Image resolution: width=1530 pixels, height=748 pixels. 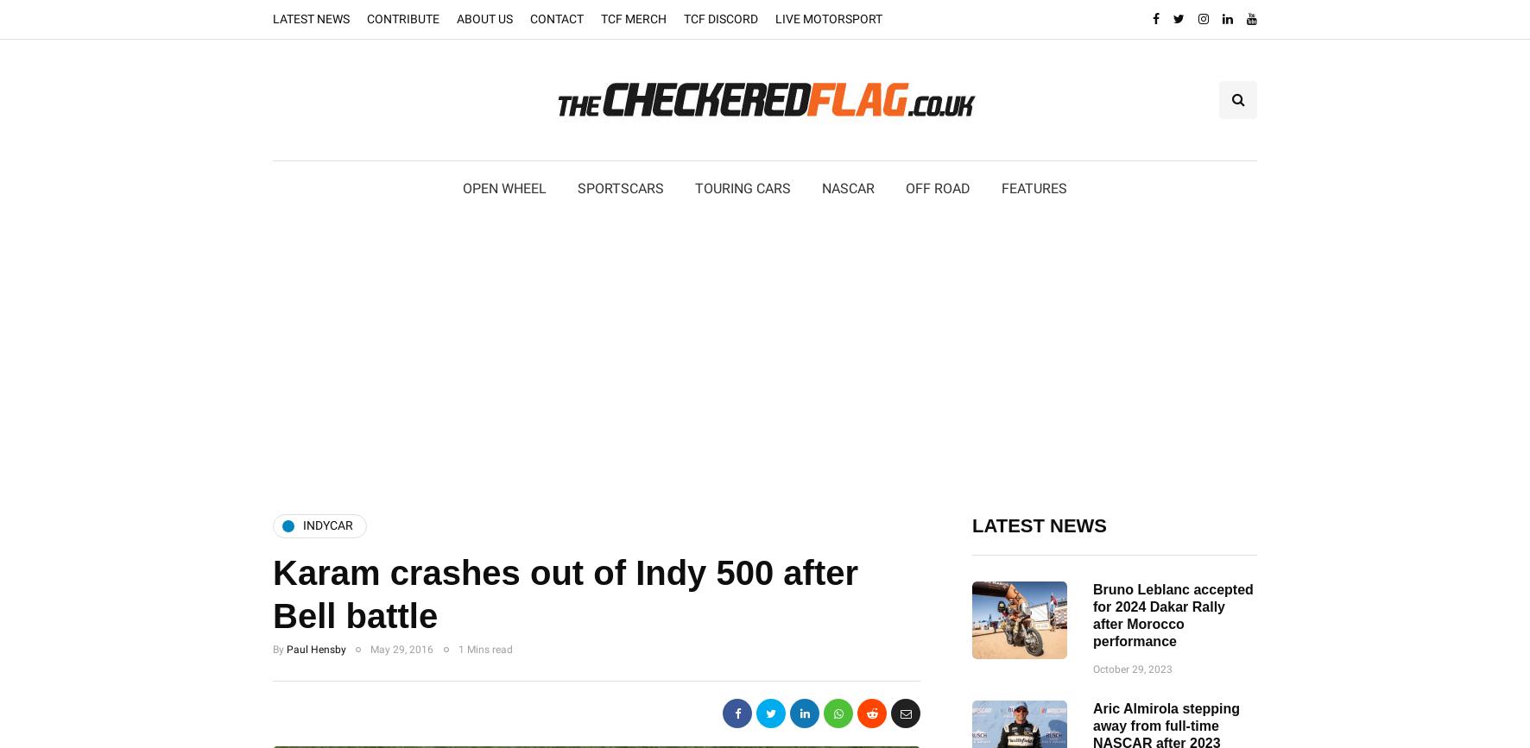 I want to click on 'May 29, 2016', so click(x=401, y=648).